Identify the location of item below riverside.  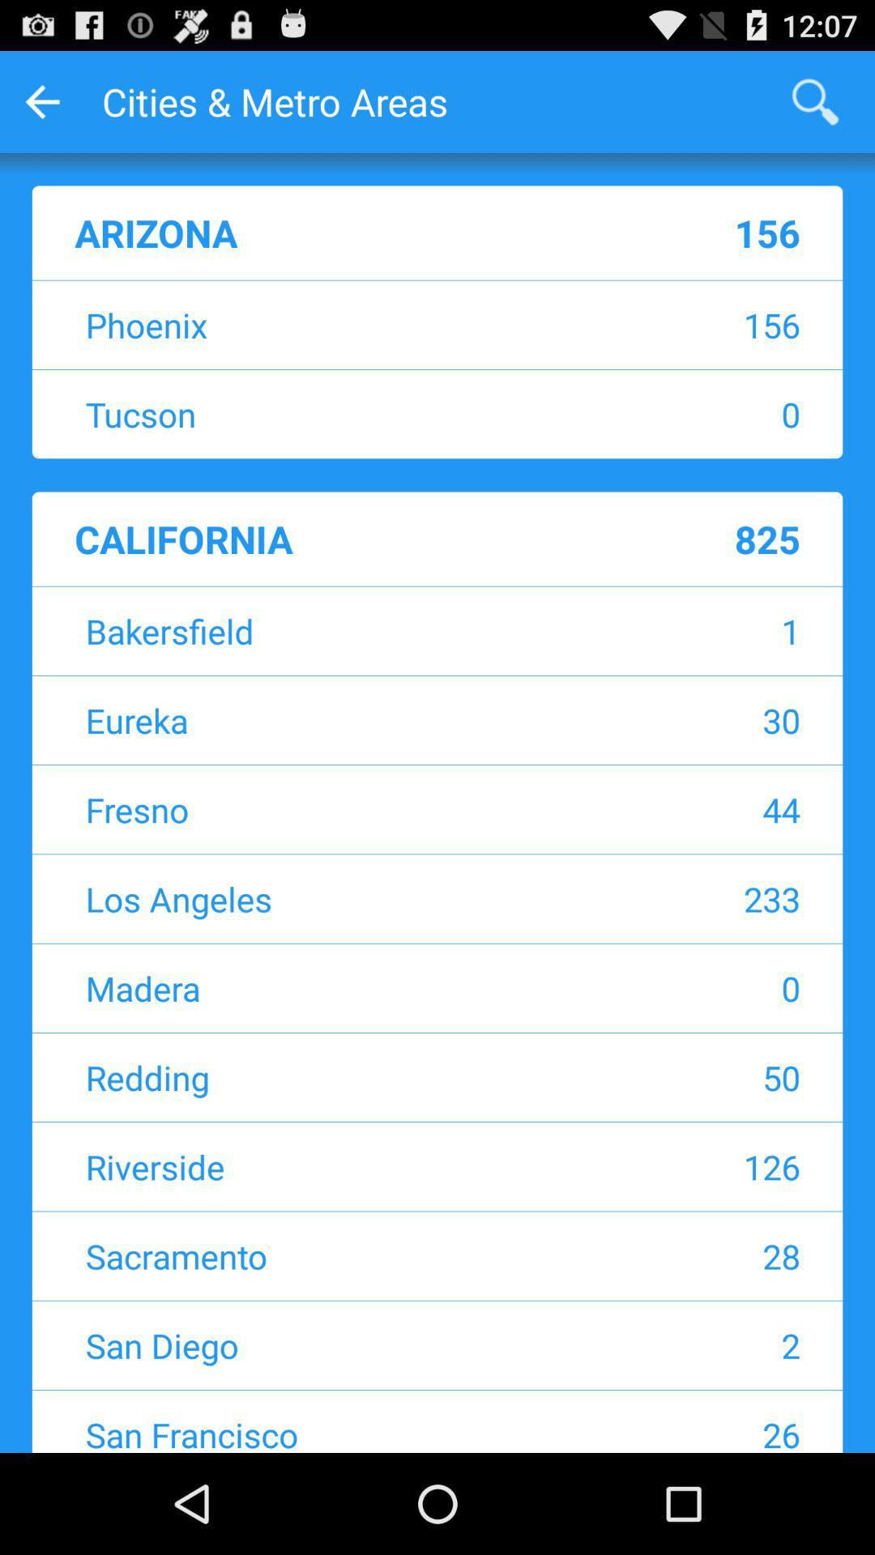
(693, 1255).